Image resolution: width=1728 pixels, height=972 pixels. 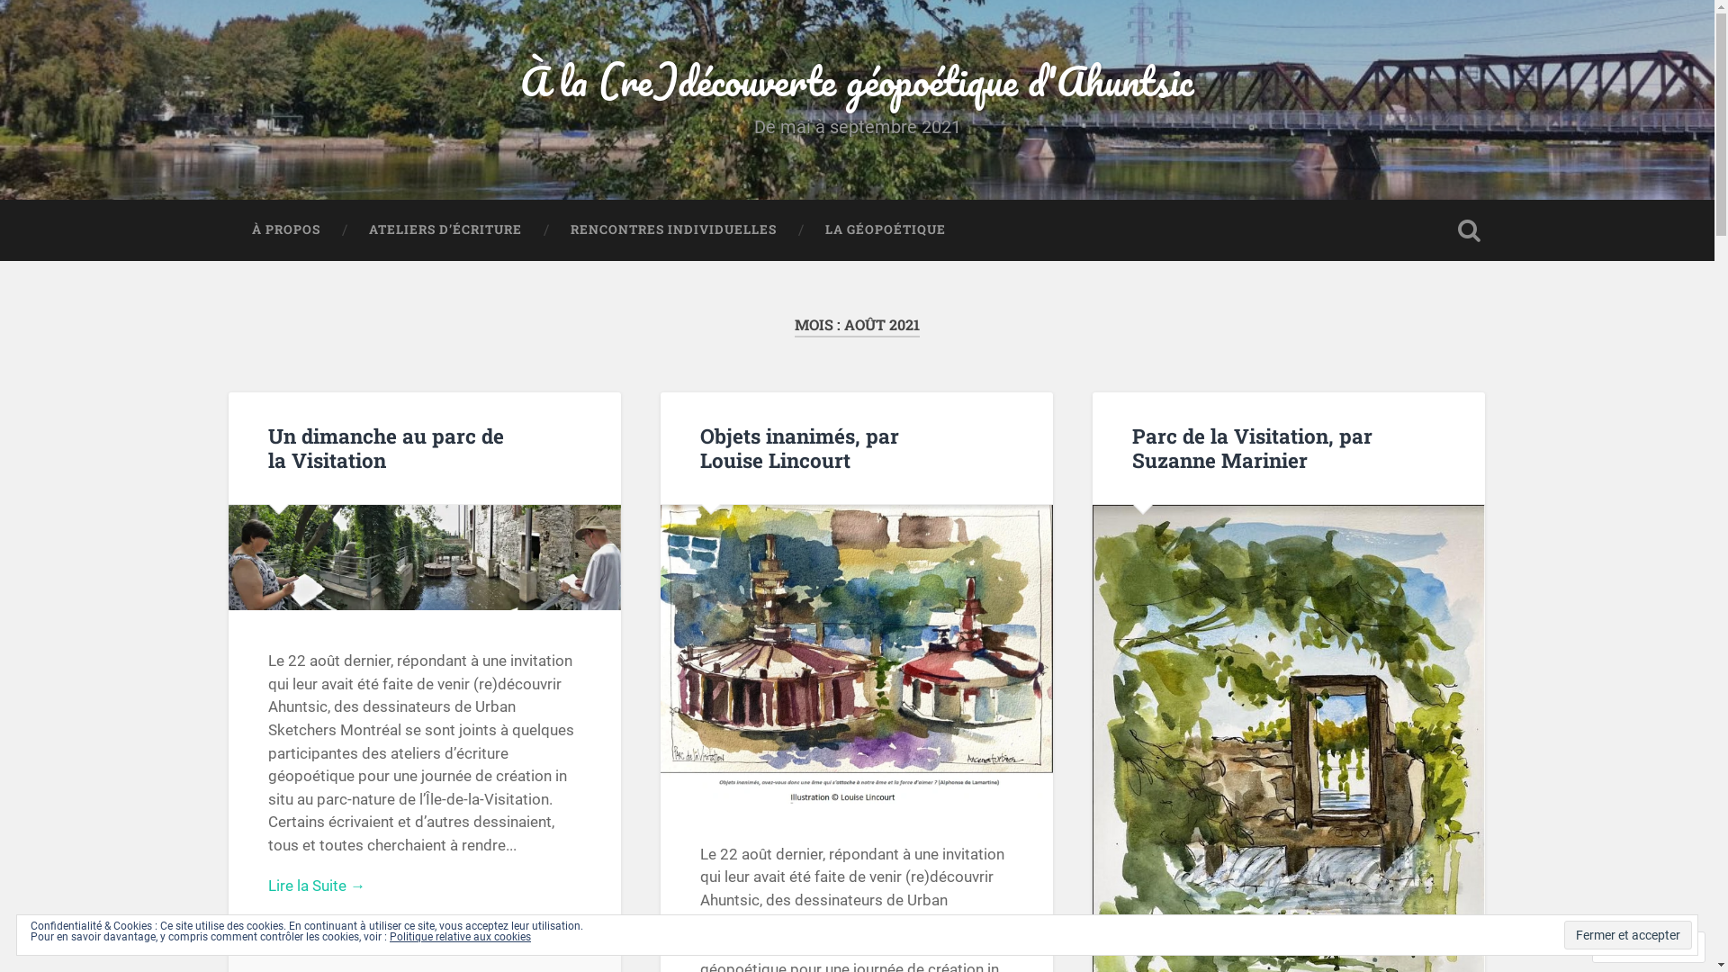 What do you see at coordinates (1469, 229) in the screenshot?
I see `'Ouvrir la recherche'` at bounding box center [1469, 229].